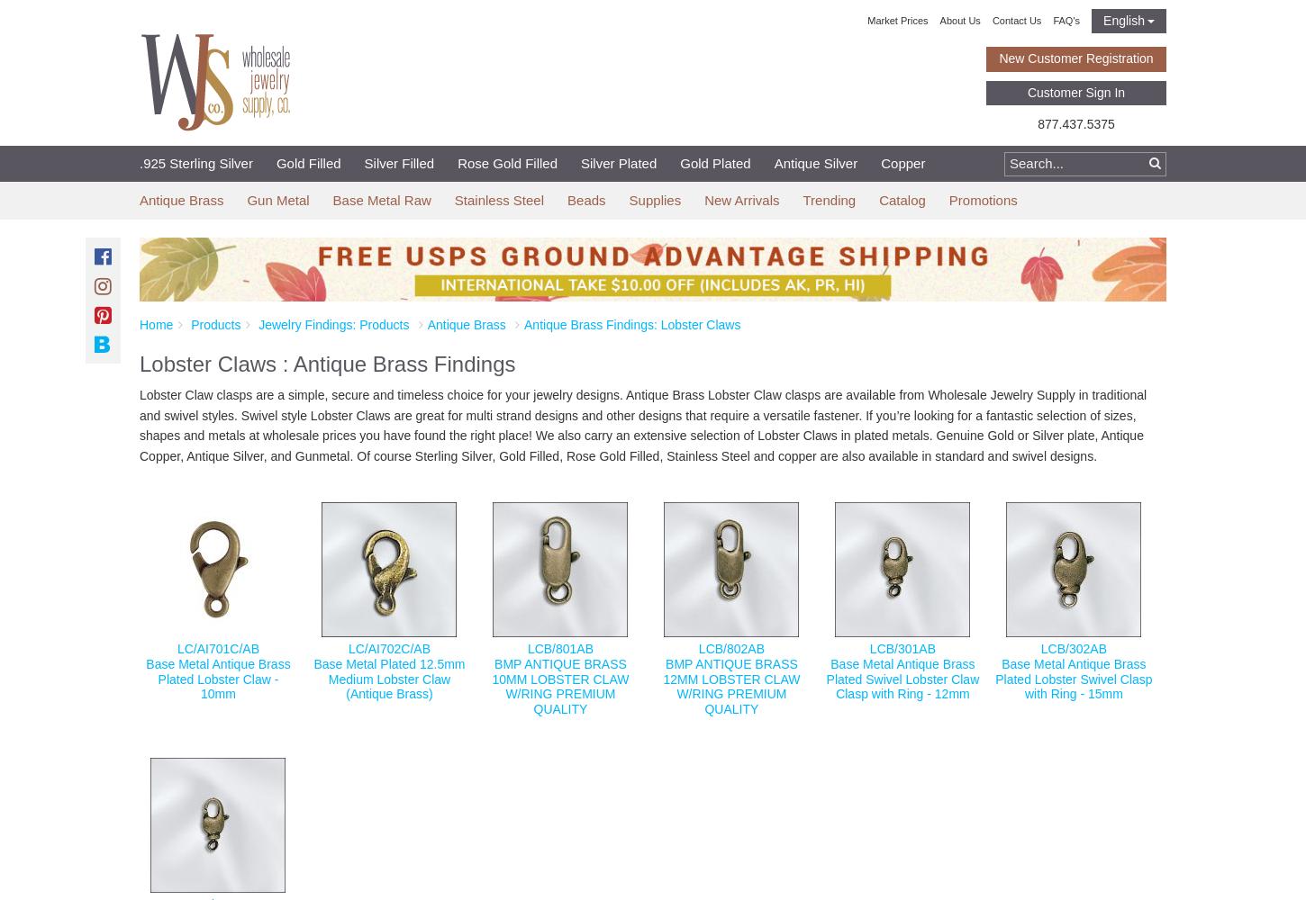 This screenshot has height=900, width=1306. Describe the element at coordinates (902, 648) in the screenshot. I see `'LCB/301AB'` at that location.